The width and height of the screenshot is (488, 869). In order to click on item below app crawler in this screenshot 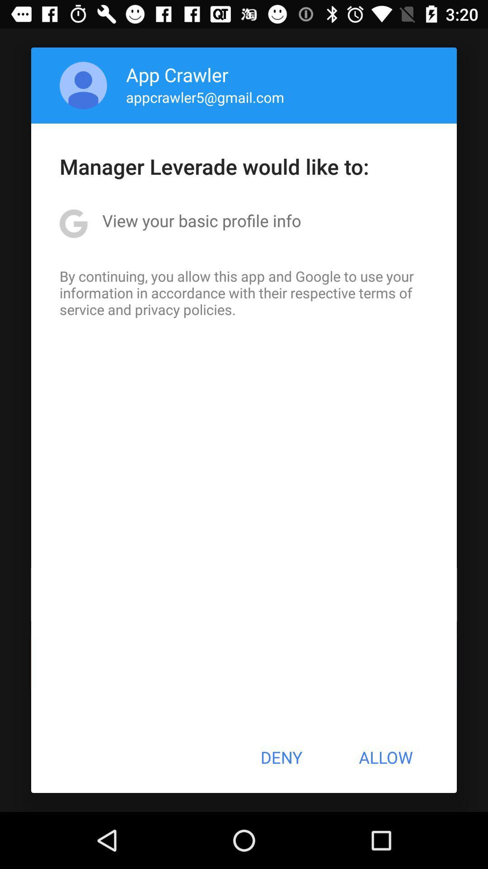, I will do `click(205, 97)`.